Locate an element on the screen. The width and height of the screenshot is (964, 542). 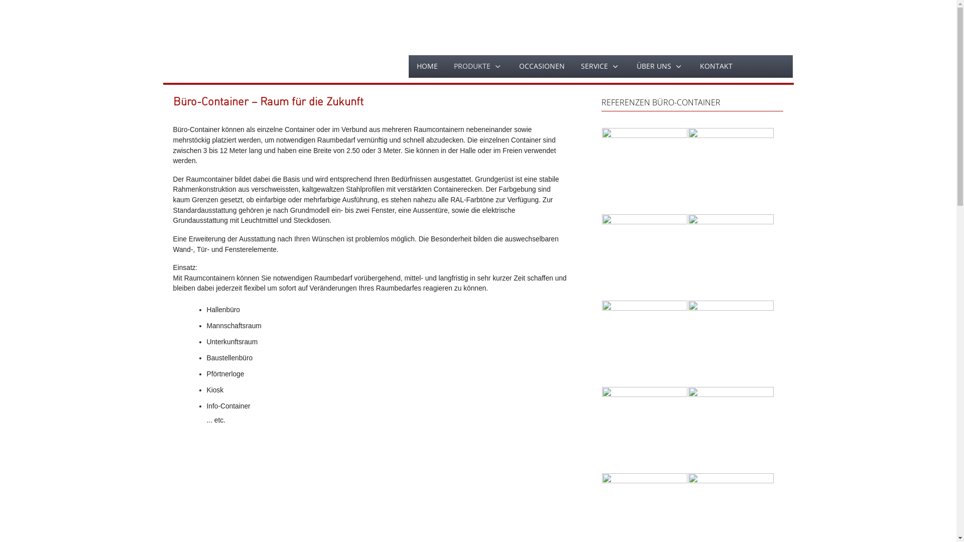
'Suchen' is located at coordinates (740, 66).